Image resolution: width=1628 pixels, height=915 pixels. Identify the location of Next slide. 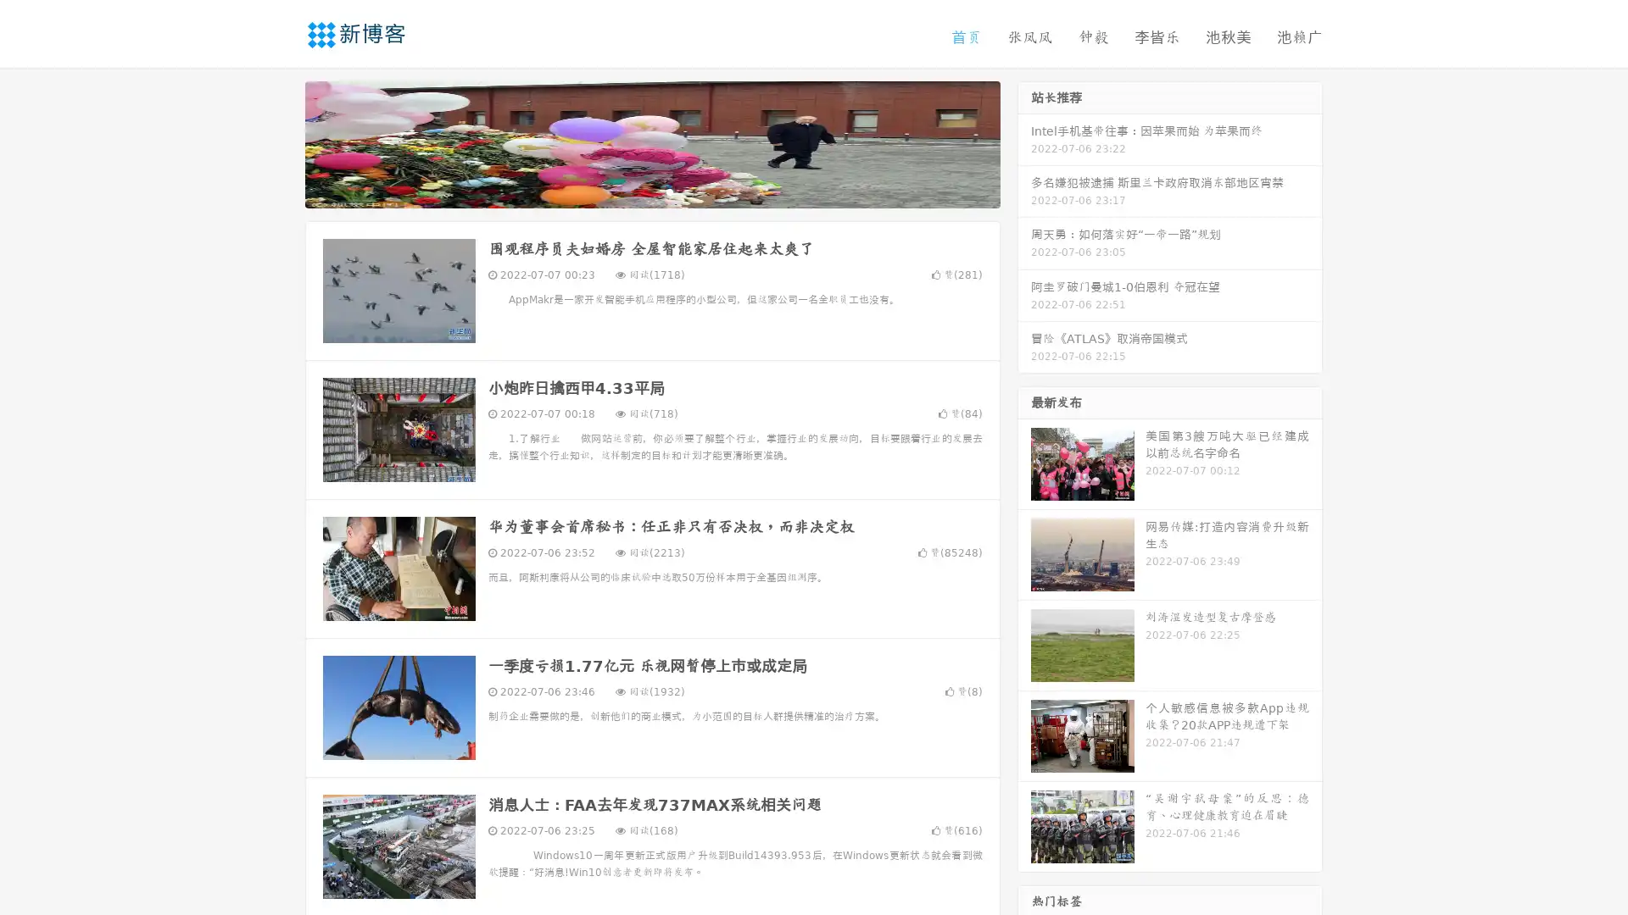
(1024, 142).